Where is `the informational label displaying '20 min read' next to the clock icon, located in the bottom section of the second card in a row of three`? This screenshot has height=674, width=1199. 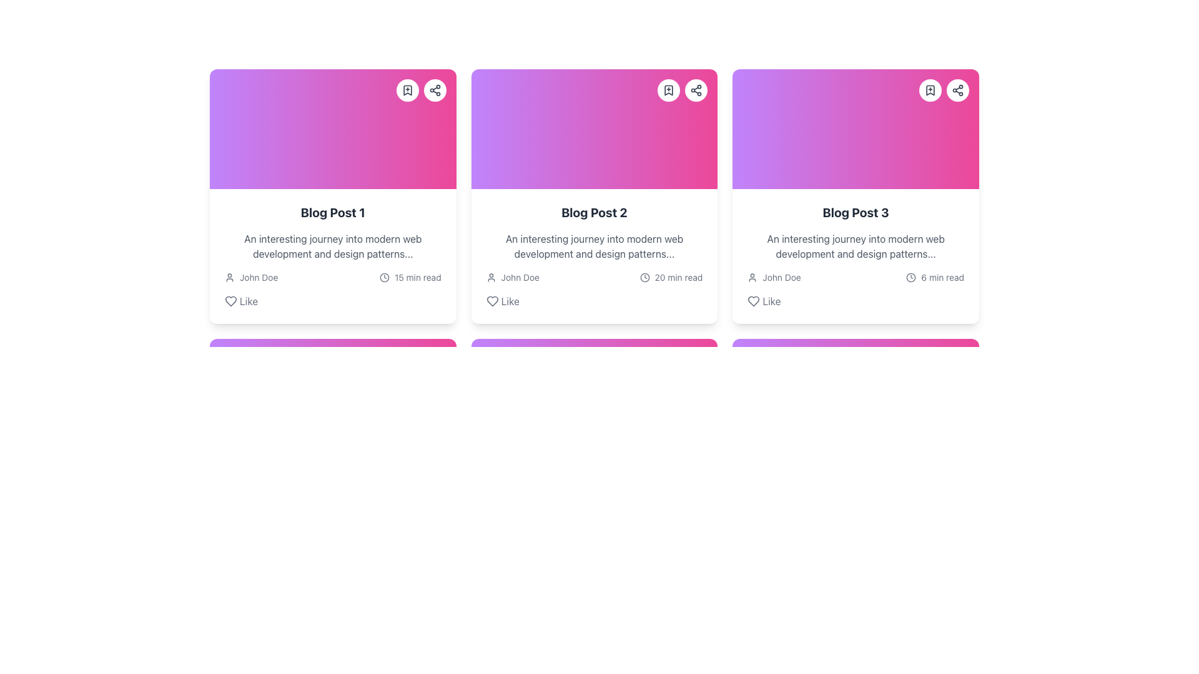 the informational label displaying '20 min read' next to the clock icon, located in the bottom section of the second card in a row of three is located at coordinates (671, 276).